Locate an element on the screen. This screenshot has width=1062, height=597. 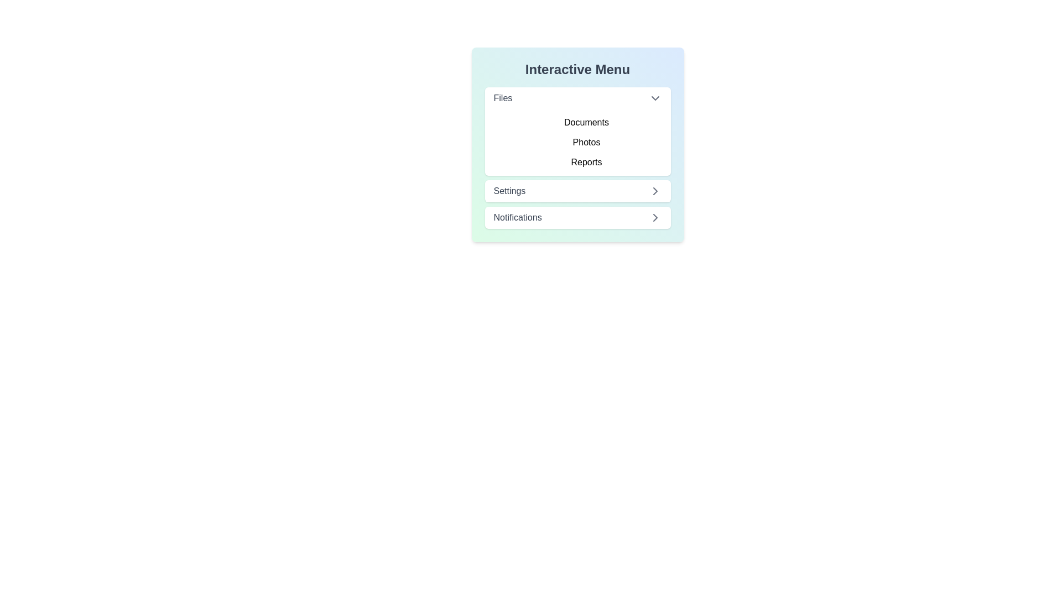
text displayed in the text label that serves as a heading for the dropdown menu positioned at the top-left corner of the dropdown panel is located at coordinates (502, 97).